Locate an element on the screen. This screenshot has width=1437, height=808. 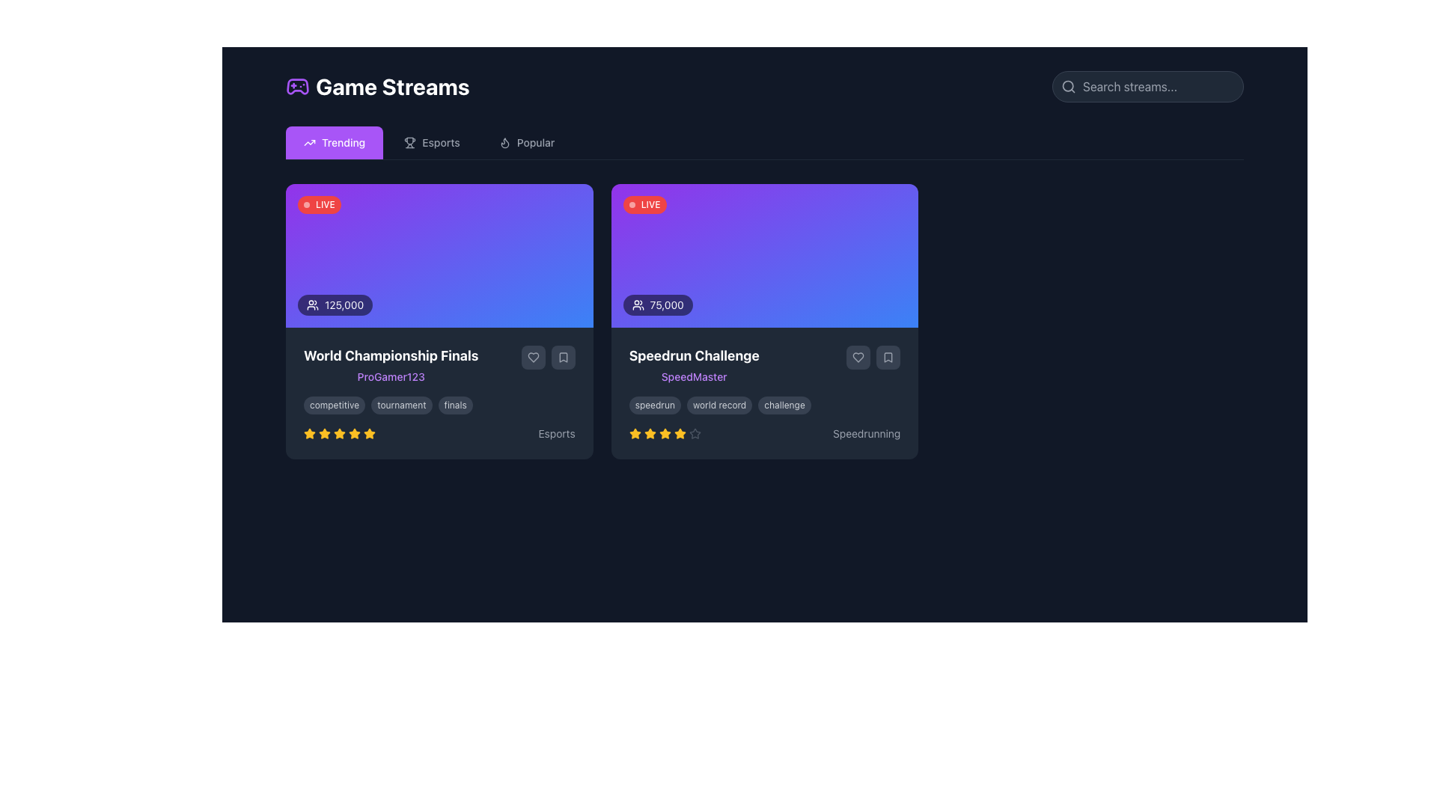
the third yellow star icon in the rating section below the title 'World Championship Finals' is located at coordinates (339, 433).